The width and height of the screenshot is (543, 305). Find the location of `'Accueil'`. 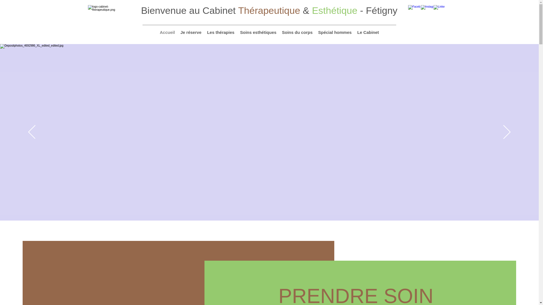

'Accueil' is located at coordinates (167, 32).